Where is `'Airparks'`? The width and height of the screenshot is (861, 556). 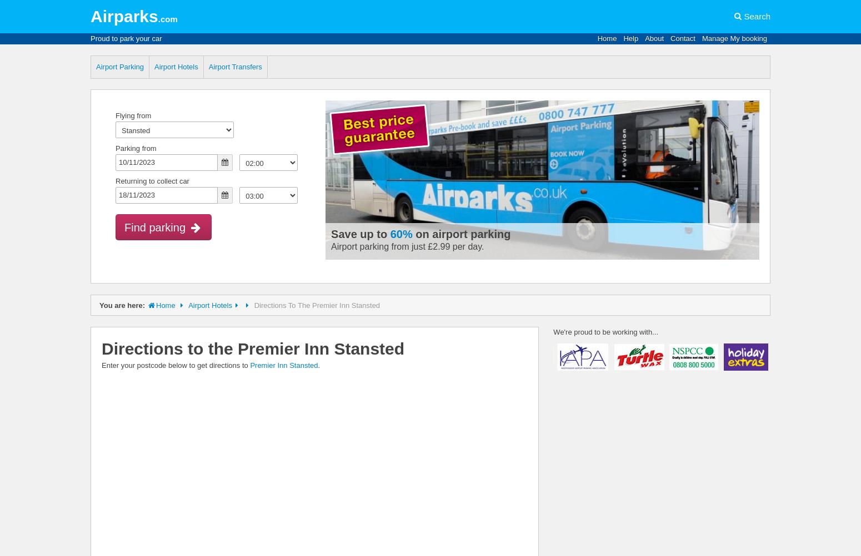
'Airparks' is located at coordinates (123, 16).